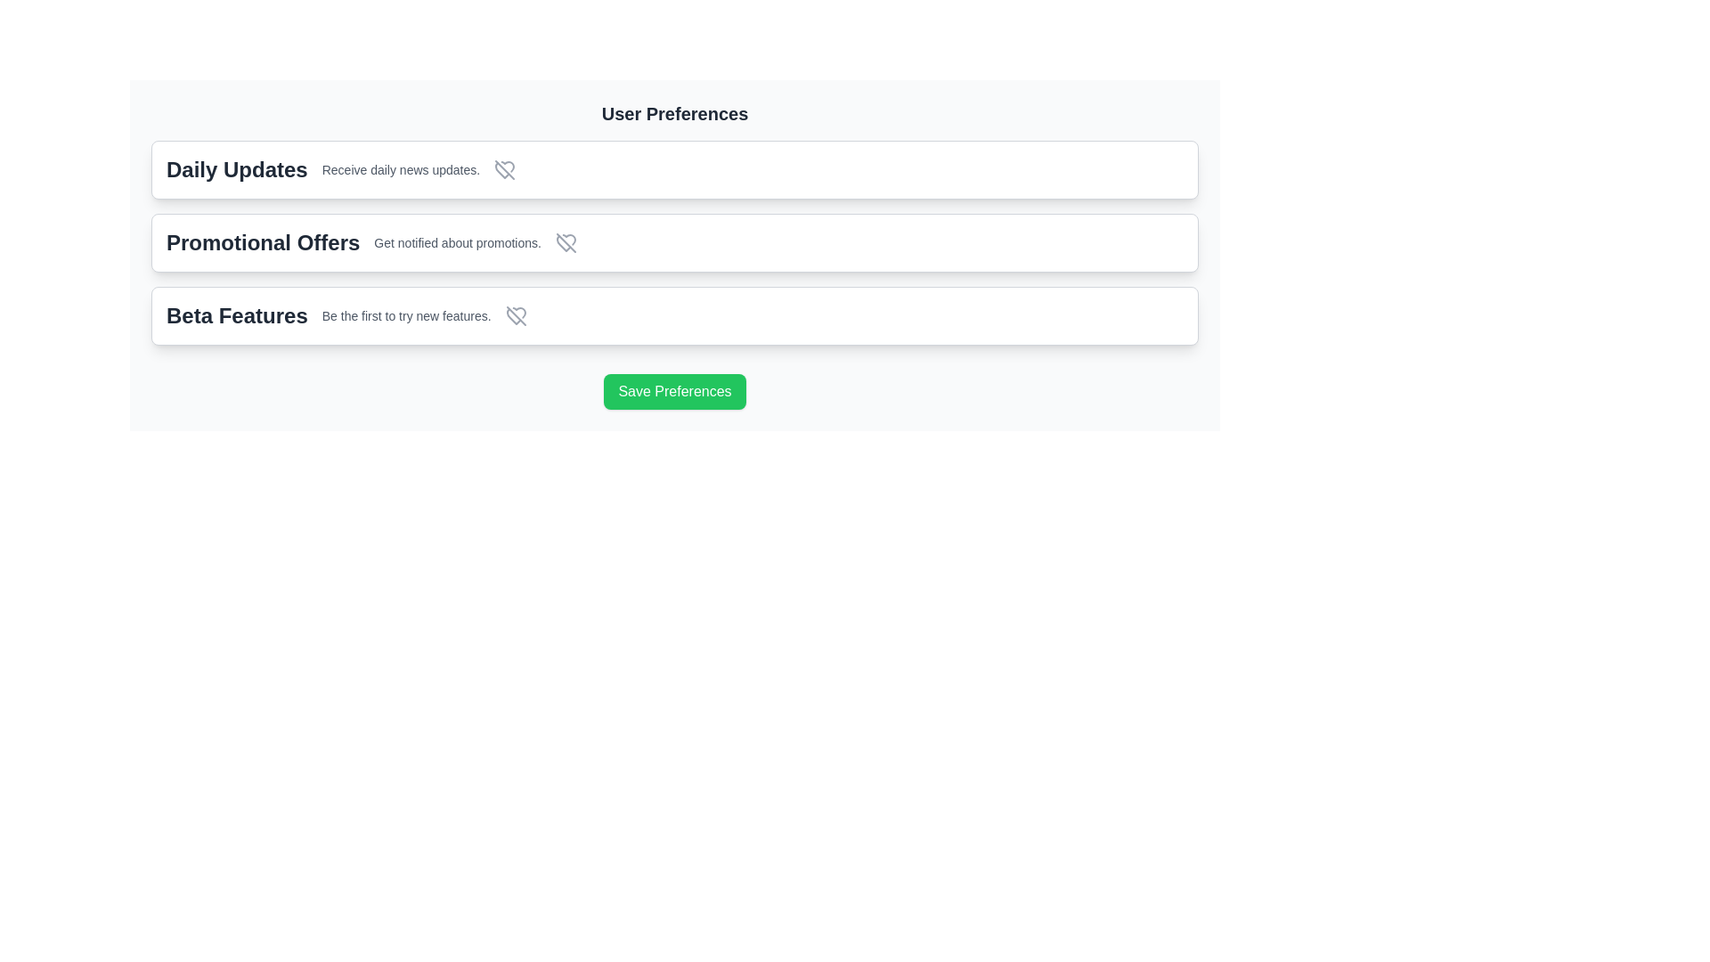 This screenshot has height=962, width=1710. What do you see at coordinates (674, 243) in the screenshot?
I see `contents of the informational card about promotional notifications, located in the middle of the 'User Preferences' section, the second item below 'Daily Updates'` at bounding box center [674, 243].